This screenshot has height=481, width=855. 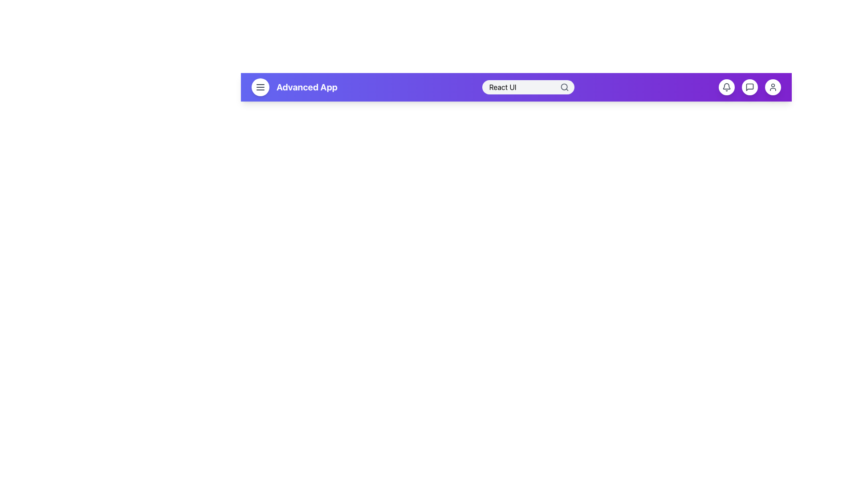 I want to click on the third circular icon from the right in the purple navigation bar, so click(x=749, y=87).